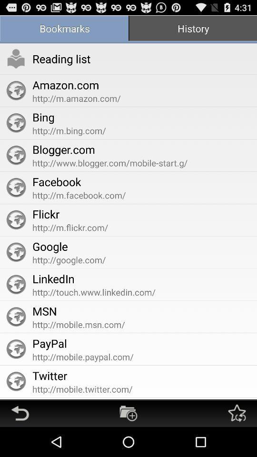 The width and height of the screenshot is (257, 457). What do you see at coordinates (16, 58) in the screenshot?
I see `the app to the left of reading list icon` at bounding box center [16, 58].